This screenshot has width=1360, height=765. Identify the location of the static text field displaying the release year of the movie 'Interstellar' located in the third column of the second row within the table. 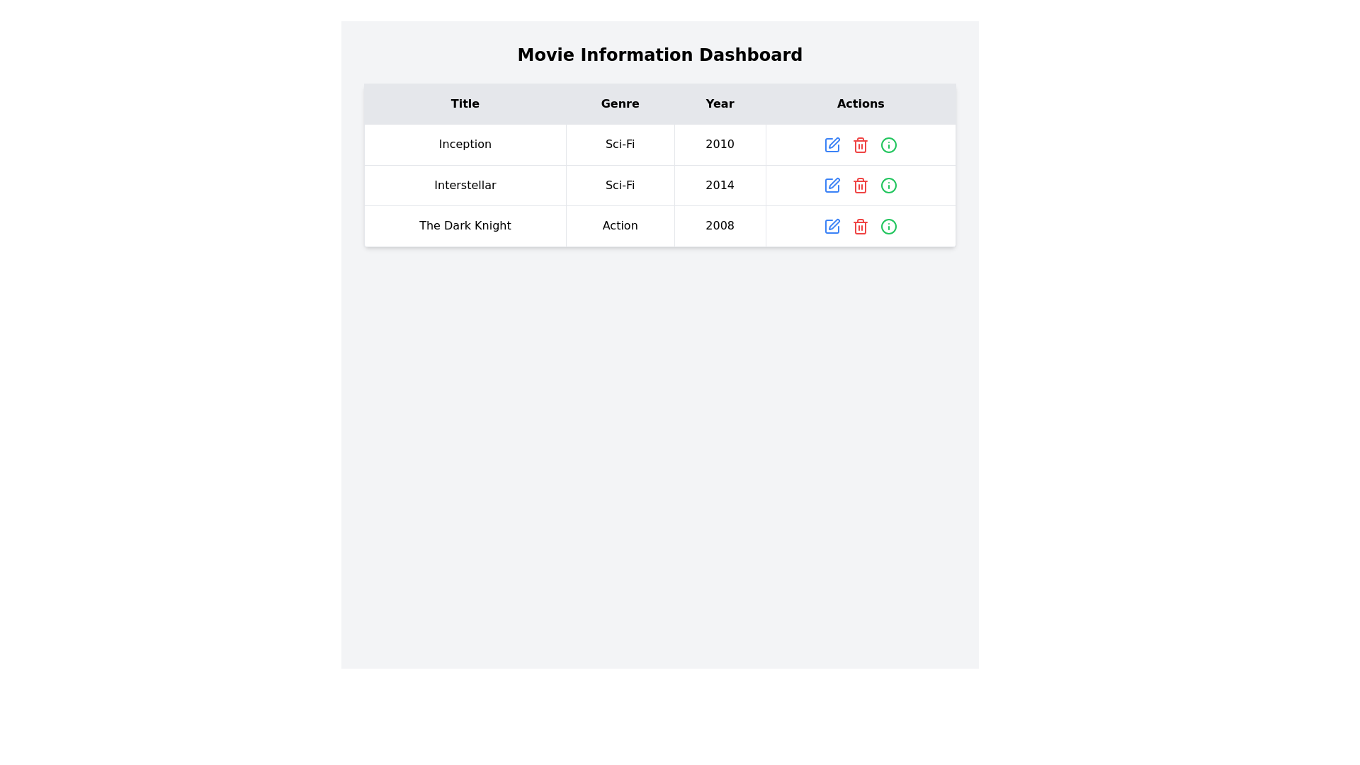
(720, 184).